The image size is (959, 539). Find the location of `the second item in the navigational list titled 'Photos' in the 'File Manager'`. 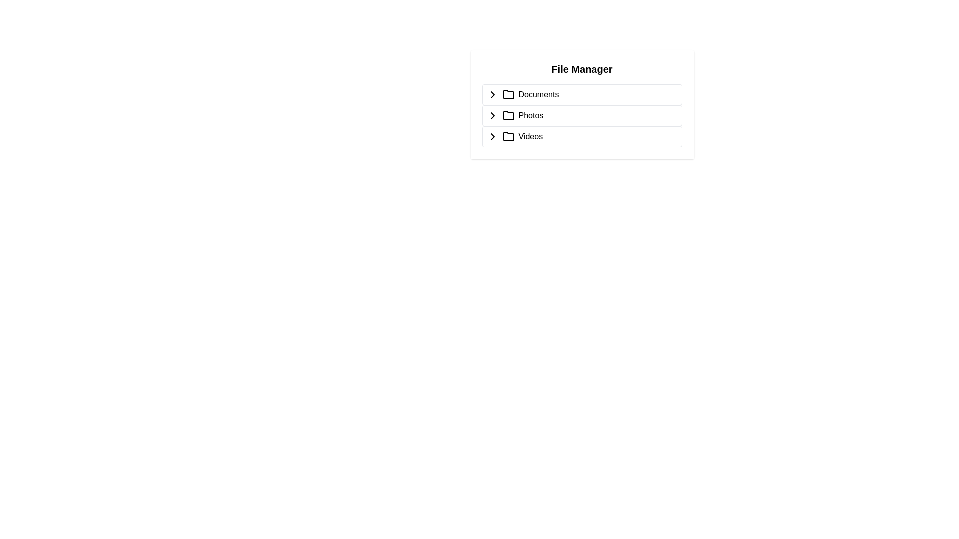

the second item in the navigational list titled 'Photos' in the 'File Manager' is located at coordinates (582, 115).